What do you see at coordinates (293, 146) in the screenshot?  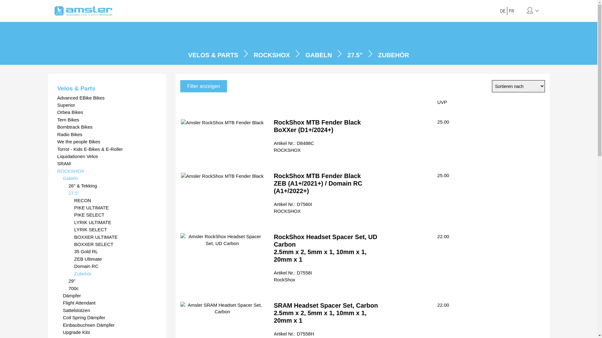 I see `'Artikel Nr.: D8488C` at bounding box center [293, 146].